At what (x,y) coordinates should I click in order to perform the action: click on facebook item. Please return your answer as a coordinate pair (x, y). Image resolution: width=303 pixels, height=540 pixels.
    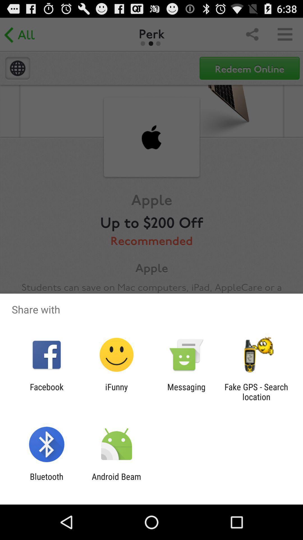
    Looking at the image, I should click on (46, 391).